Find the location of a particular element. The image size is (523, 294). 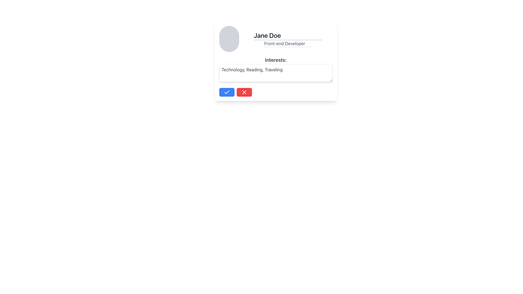

the checkmark icon located inside the blue button at the bottom left of the user's profile card is located at coordinates (227, 92).